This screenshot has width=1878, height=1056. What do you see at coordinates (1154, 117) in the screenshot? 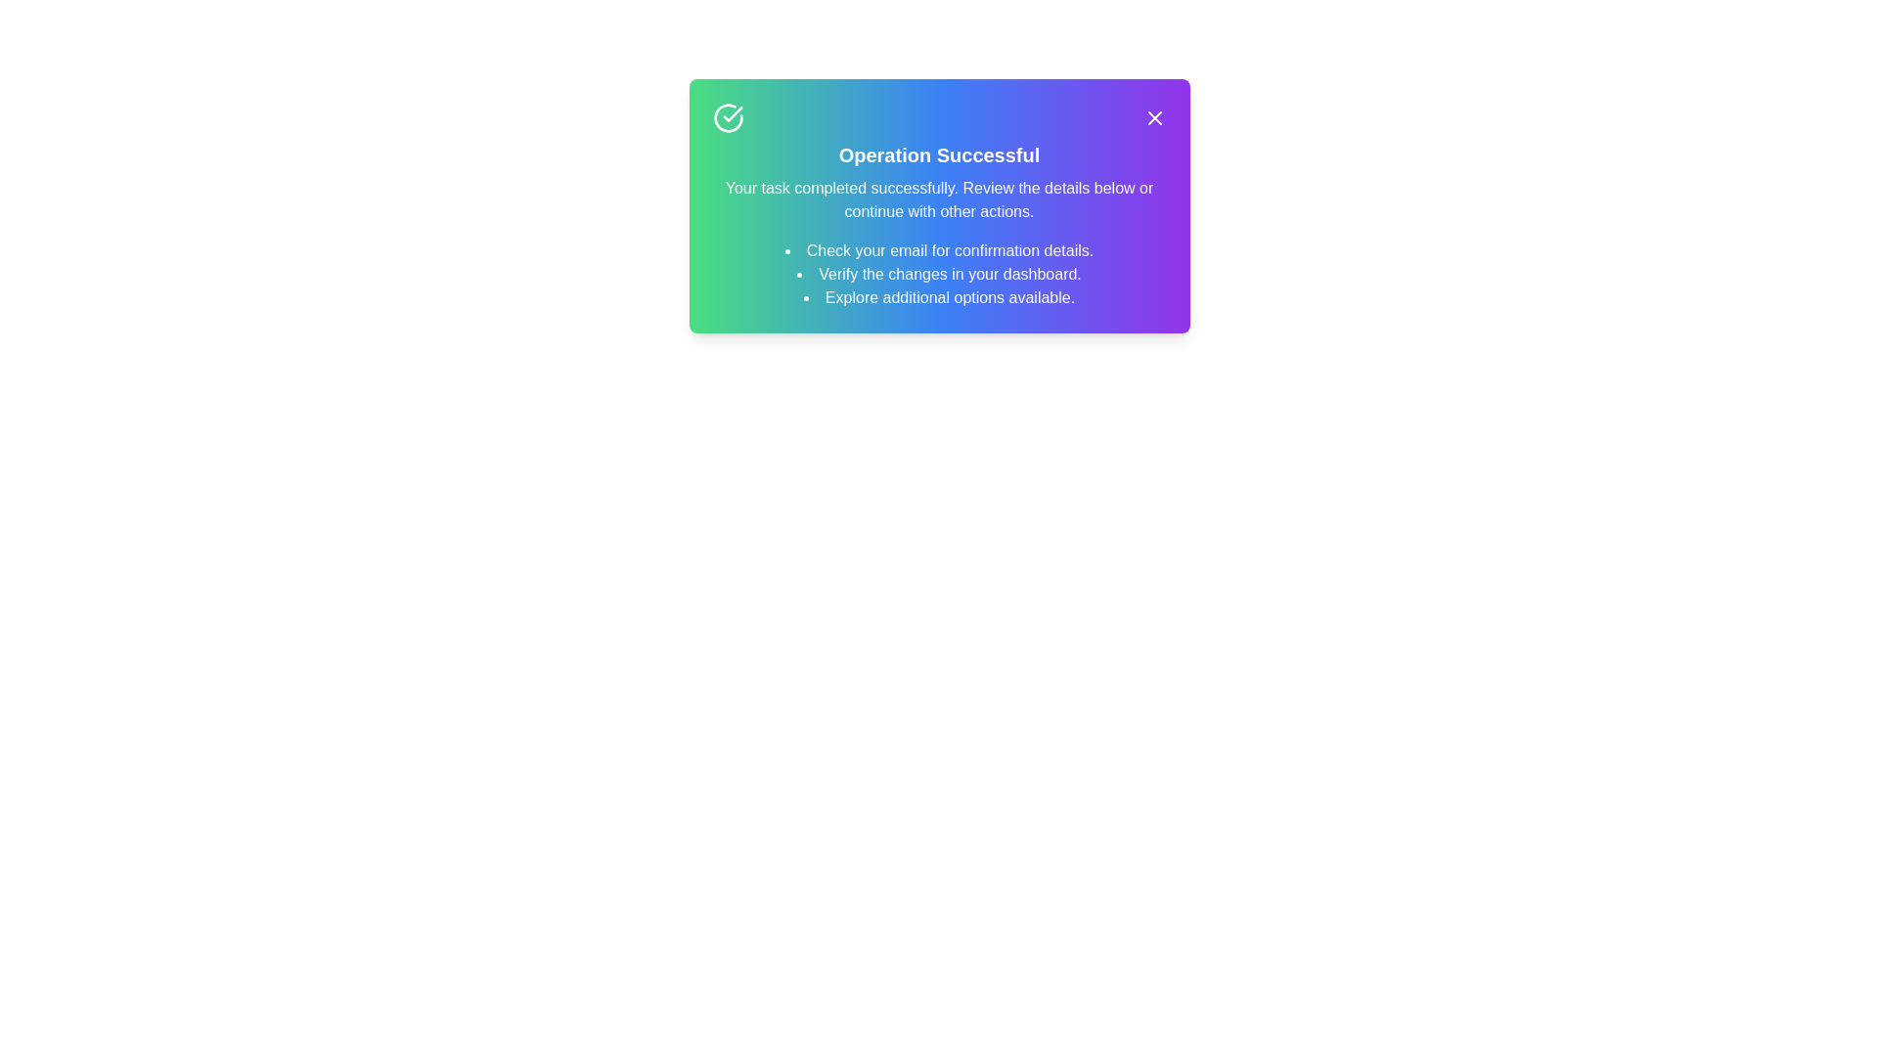
I see `the close button to close the notification panel` at bounding box center [1154, 117].